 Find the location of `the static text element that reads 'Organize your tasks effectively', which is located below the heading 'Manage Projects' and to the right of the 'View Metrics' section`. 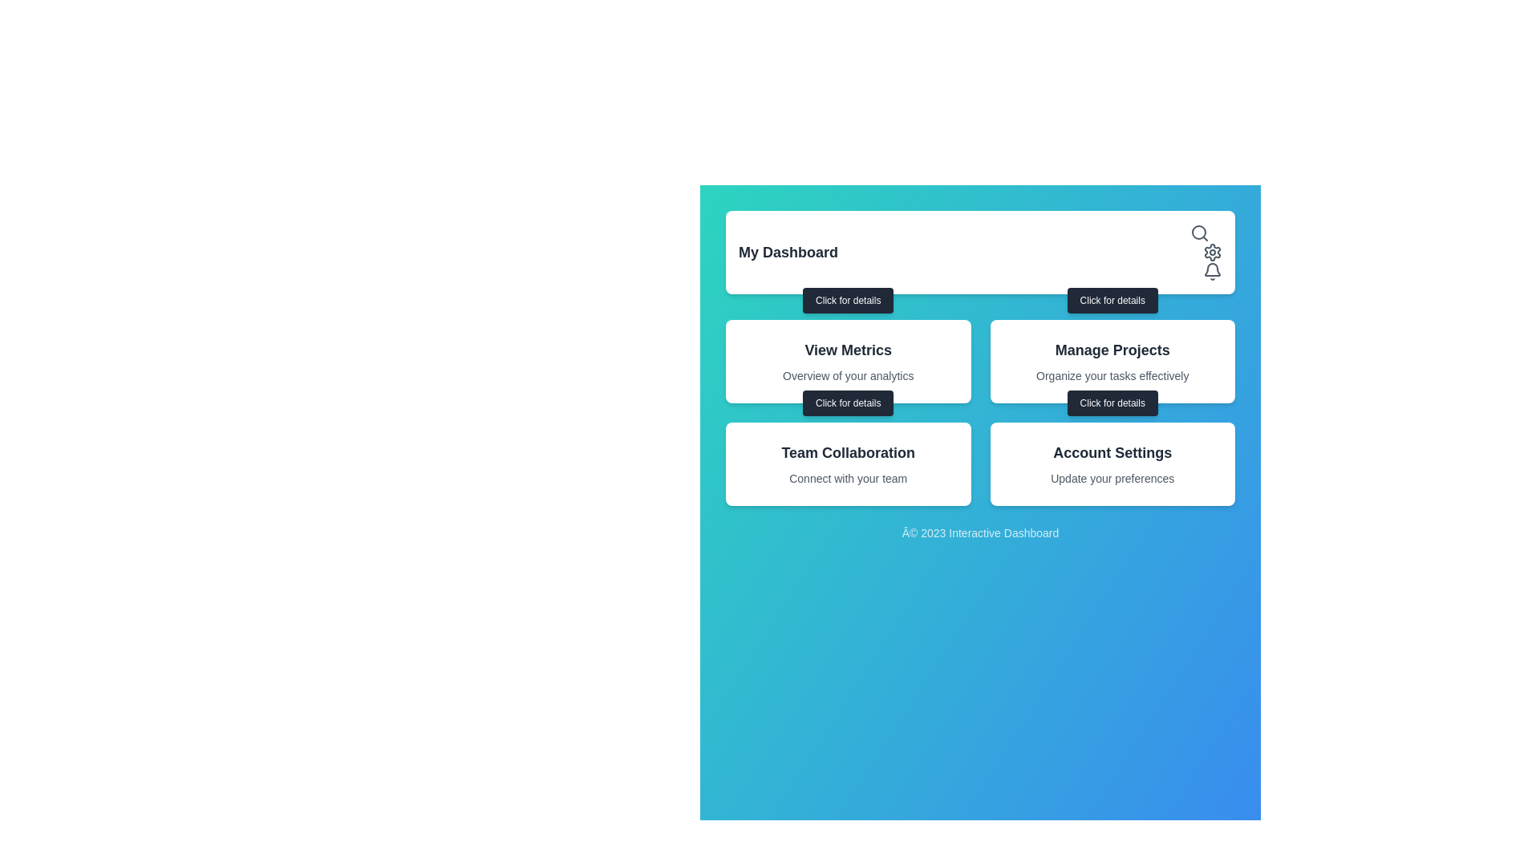

the static text element that reads 'Organize your tasks effectively', which is located below the heading 'Manage Projects' and to the right of the 'View Metrics' section is located at coordinates (1112, 376).